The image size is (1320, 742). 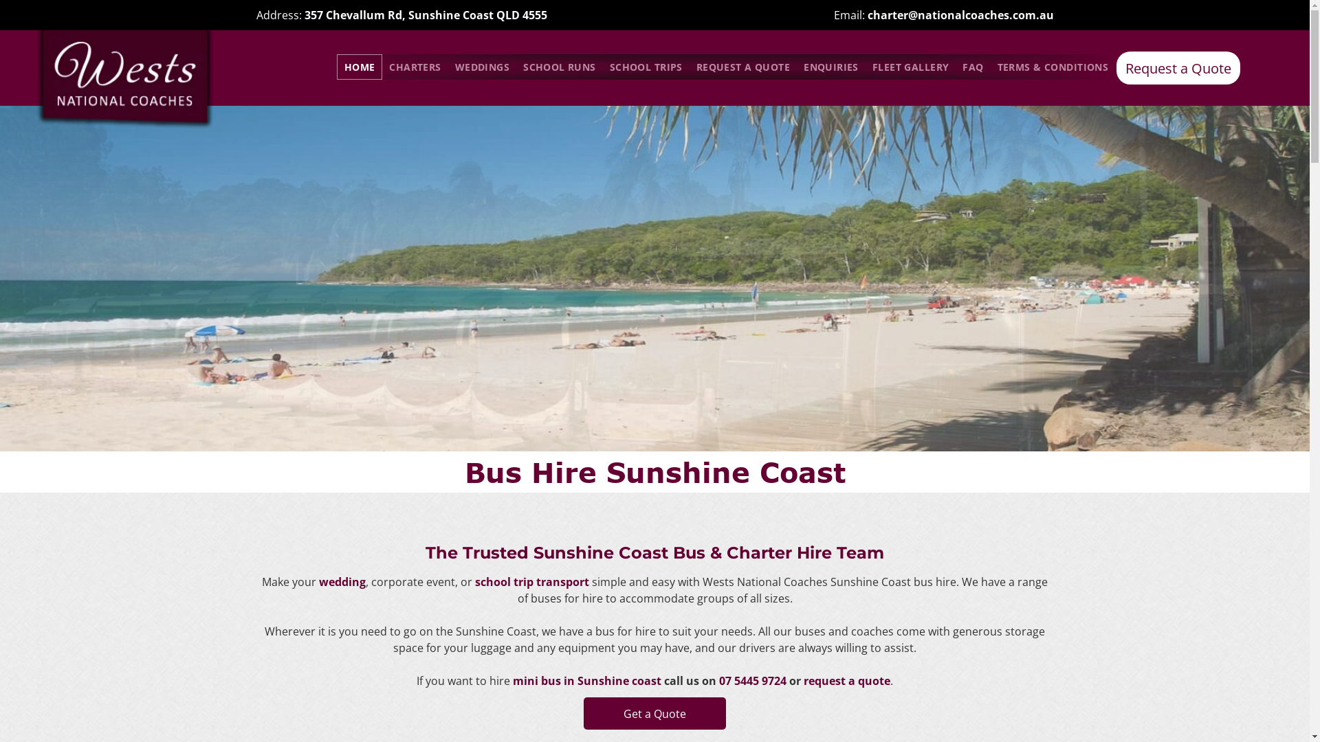 I want to click on 'wedding', so click(x=342, y=582).